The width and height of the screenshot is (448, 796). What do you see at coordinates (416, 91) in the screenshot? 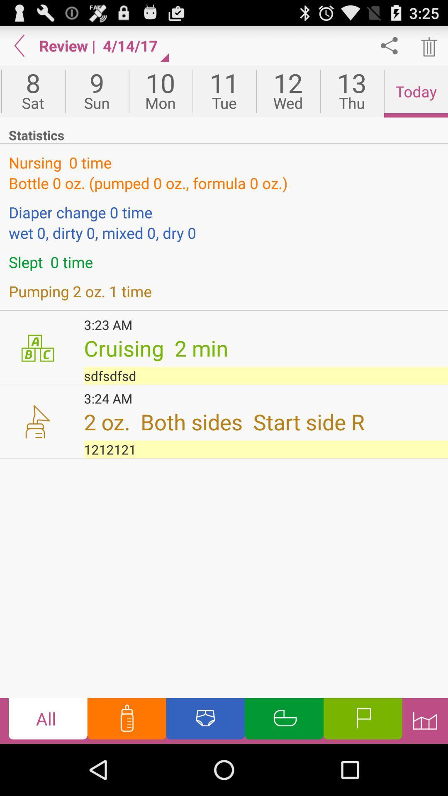
I see `the item above statistics icon` at bounding box center [416, 91].